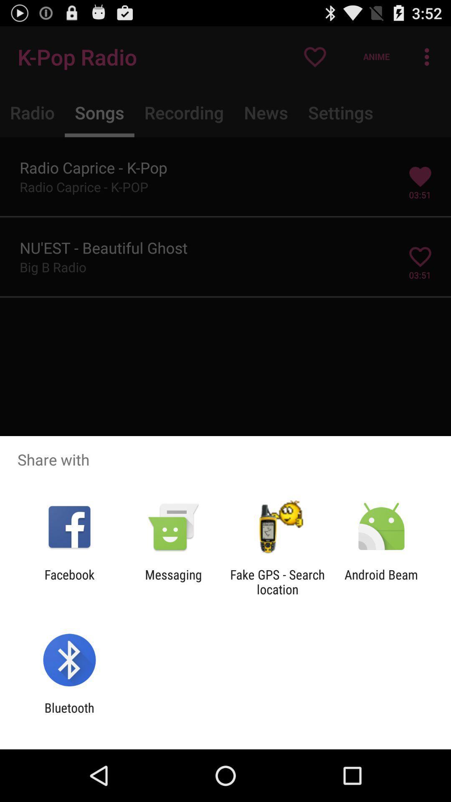  What do you see at coordinates (381, 581) in the screenshot?
I see `item to the right of fake gps search icon` at bounding box center [381, 581].